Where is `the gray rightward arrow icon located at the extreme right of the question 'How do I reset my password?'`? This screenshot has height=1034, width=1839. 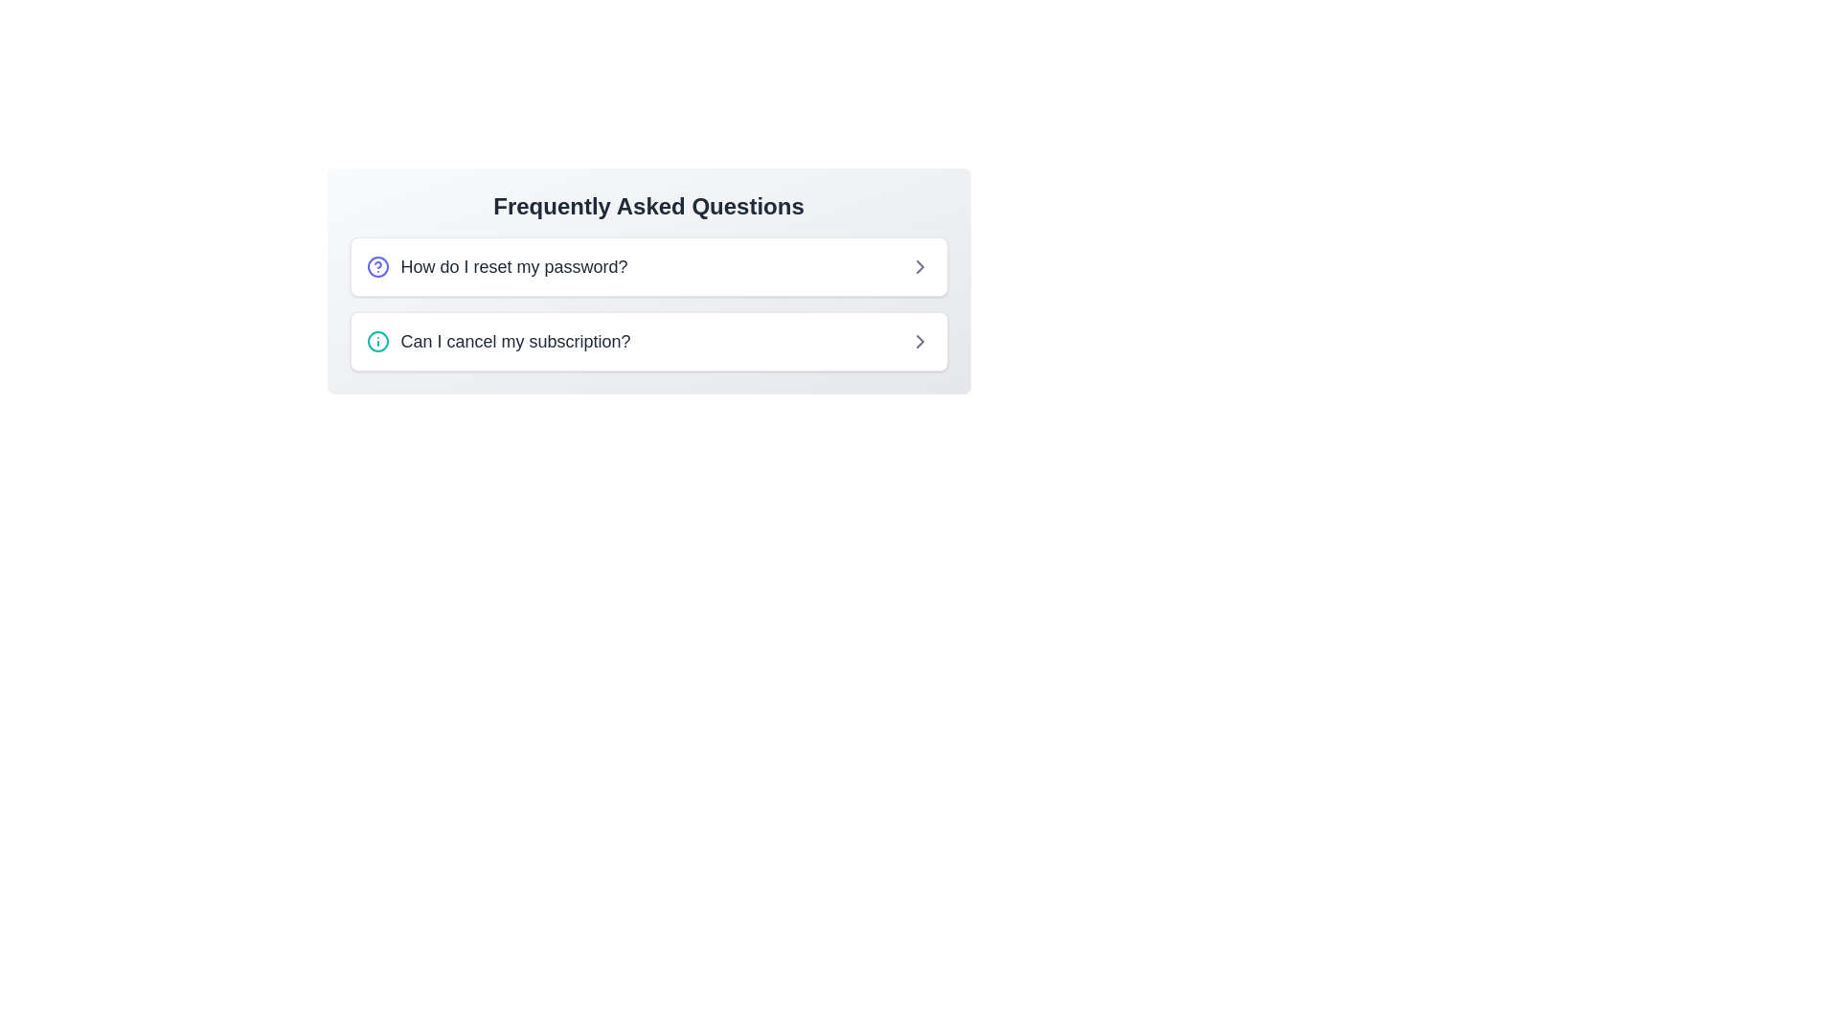 the gray rightward arrow icon located at the extreme right of the question 'How do I reset my password?' is located at coordinates (919, 266).